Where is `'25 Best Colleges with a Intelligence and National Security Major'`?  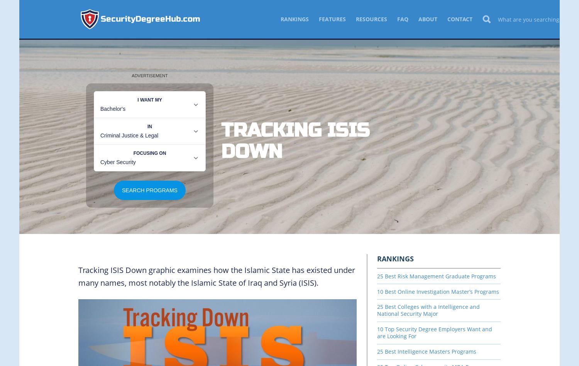
'25 Best Colleges with a Intelligence and National Security Major' is located at coordinates (428, 310).